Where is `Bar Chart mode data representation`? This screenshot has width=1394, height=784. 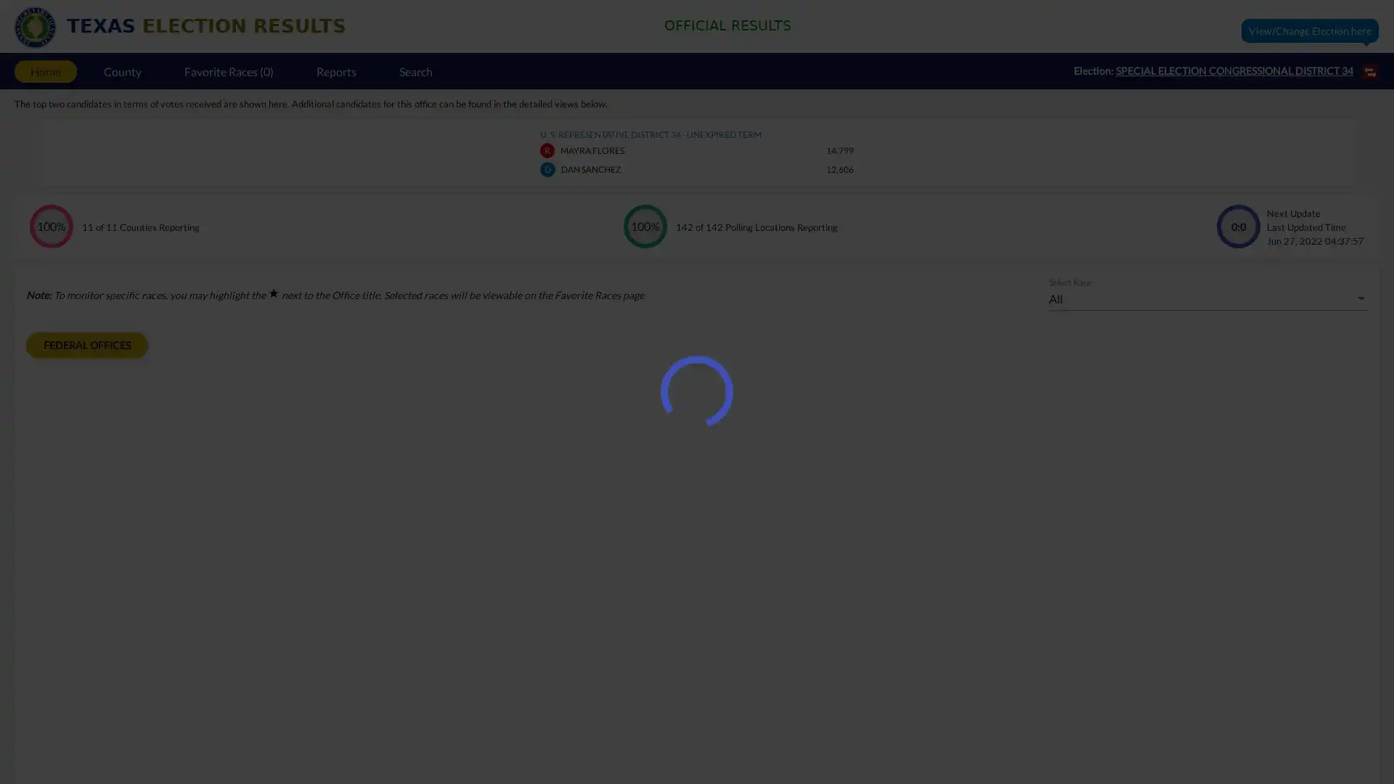
Bar Chart mode data representation is located at coordinates (1313, 386).